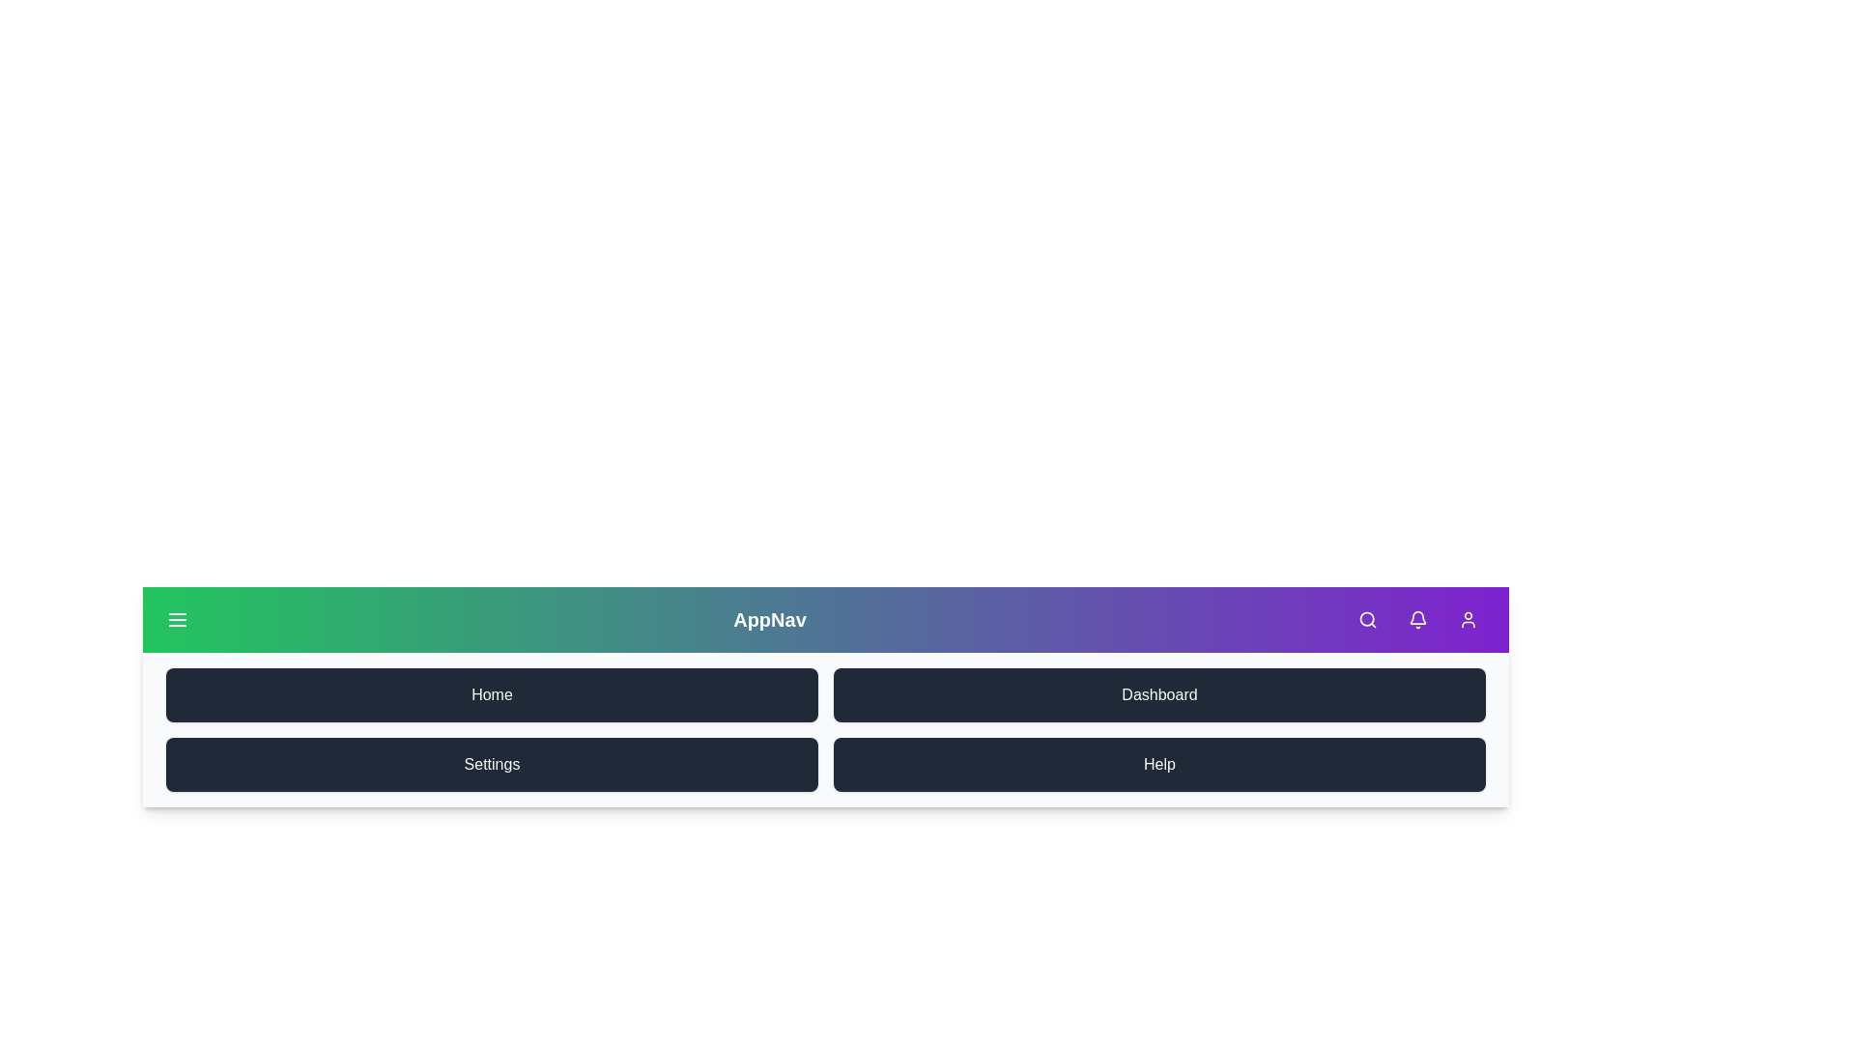 The height and width of the screenshot is (1043, 1855). I want to click on the menu item Settings by clicking on it, so click(492, 763).